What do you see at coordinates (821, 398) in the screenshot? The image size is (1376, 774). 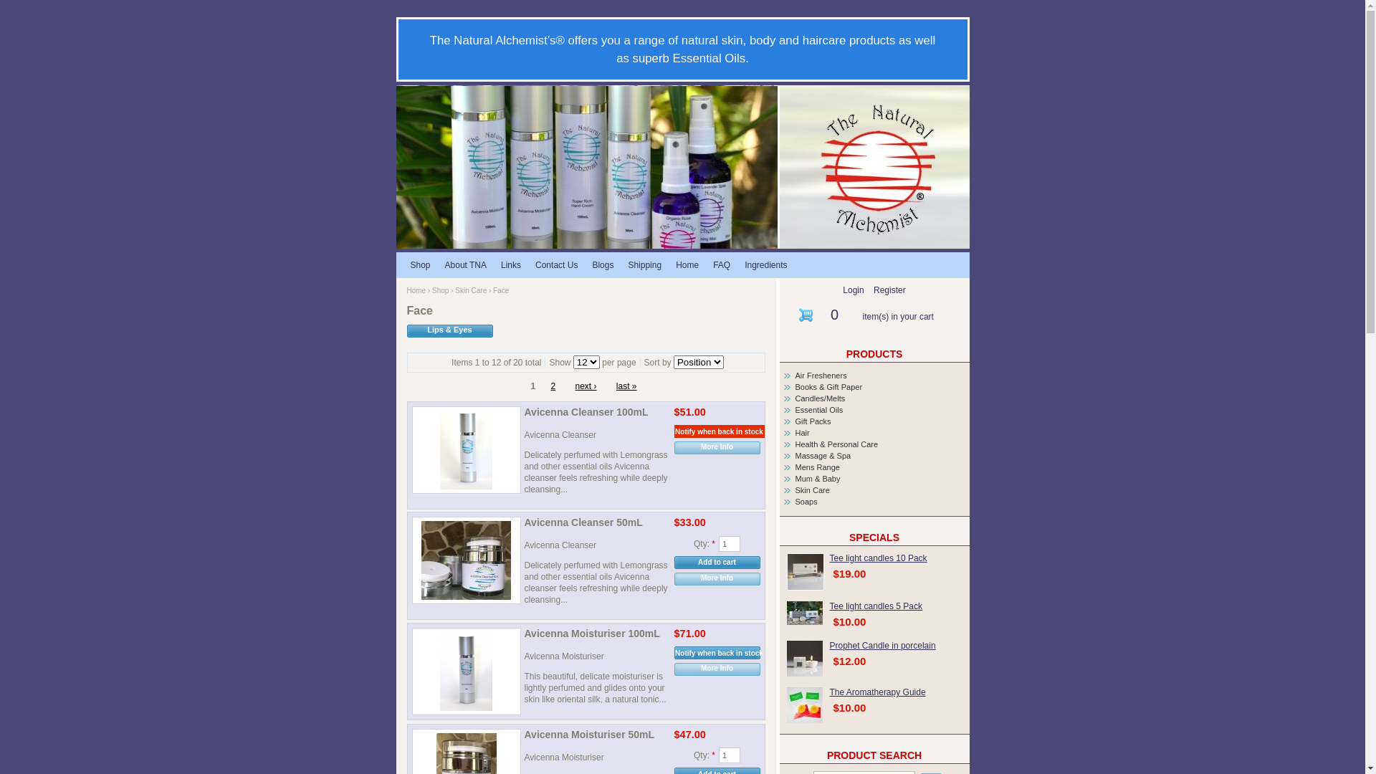 I see `'Candles/Melts'` at bounding box center [821, 398].